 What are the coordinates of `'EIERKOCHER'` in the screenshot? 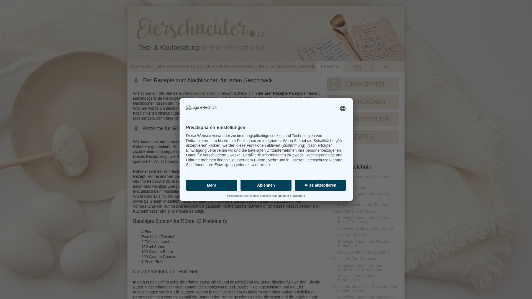 It's located at (168, 66).